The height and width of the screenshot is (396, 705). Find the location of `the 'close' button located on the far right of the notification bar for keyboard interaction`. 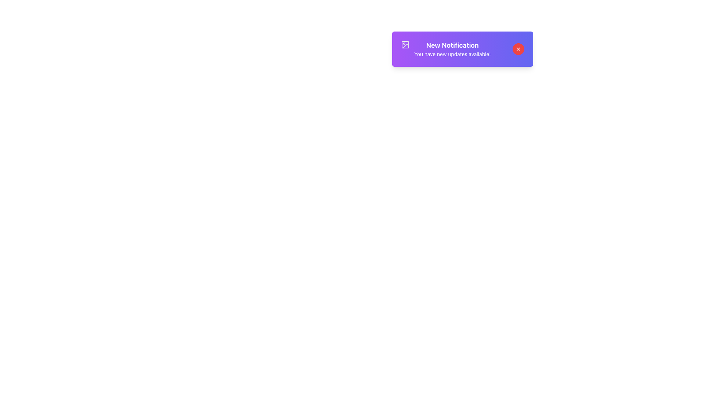

the 'close' button located on the far right of the notification bar for keyboard interaction is located at coordinates (518, 49).